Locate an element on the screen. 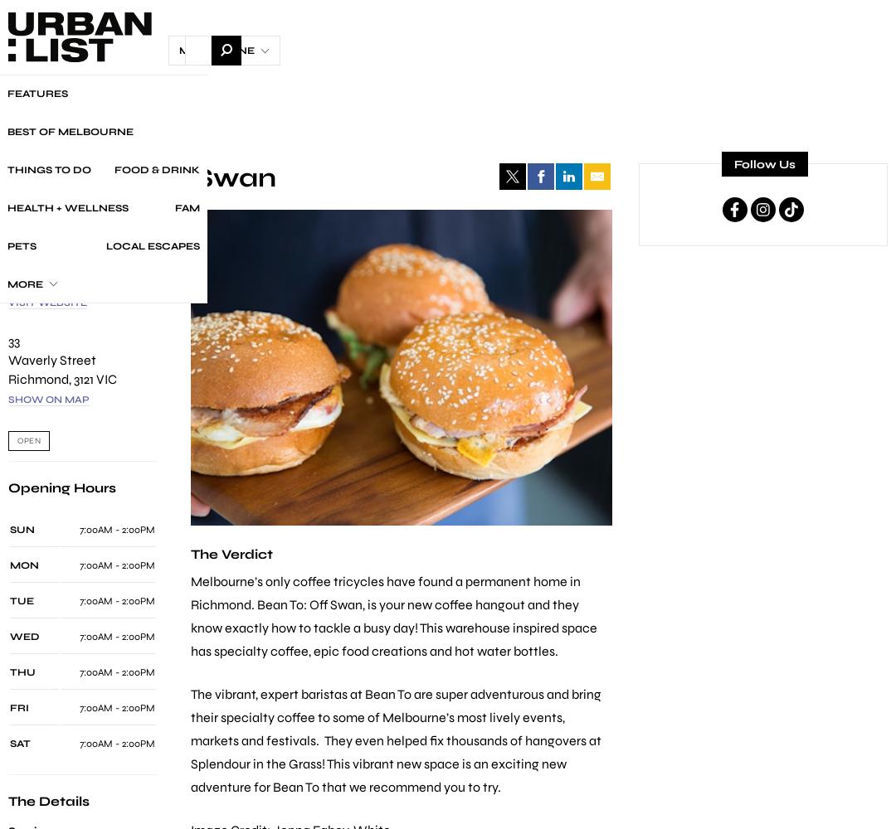  'WED' is located at coordinates (9, 636).